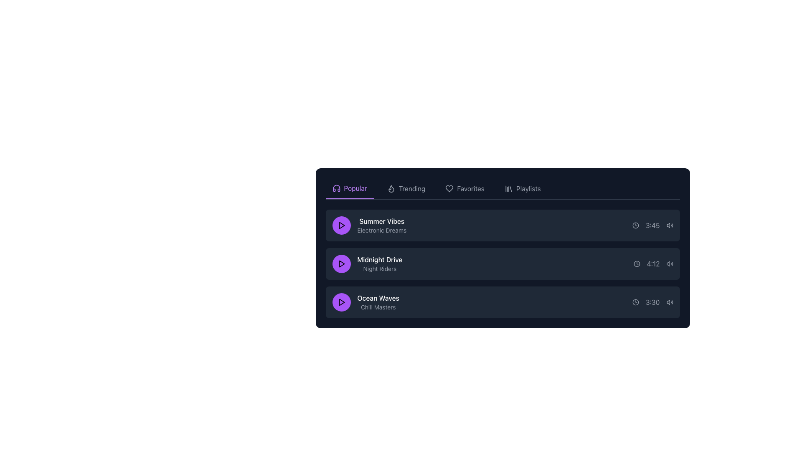 This screenshot has height=451, width=802. What do you see at coordinates (341, 264) in the screenshot?
I see `the play button located to the left of the 'Midnight Drive' text` at bounding box center [341, 264].